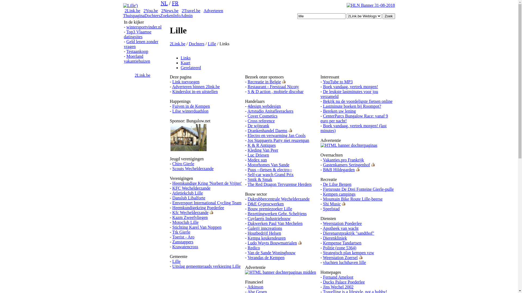  What do you see at coordinates (353, 128) in the screenshot?
I see `'Boek vandaag, vertrek morgen! (last minutes)'` at bounding box center [353, 128].